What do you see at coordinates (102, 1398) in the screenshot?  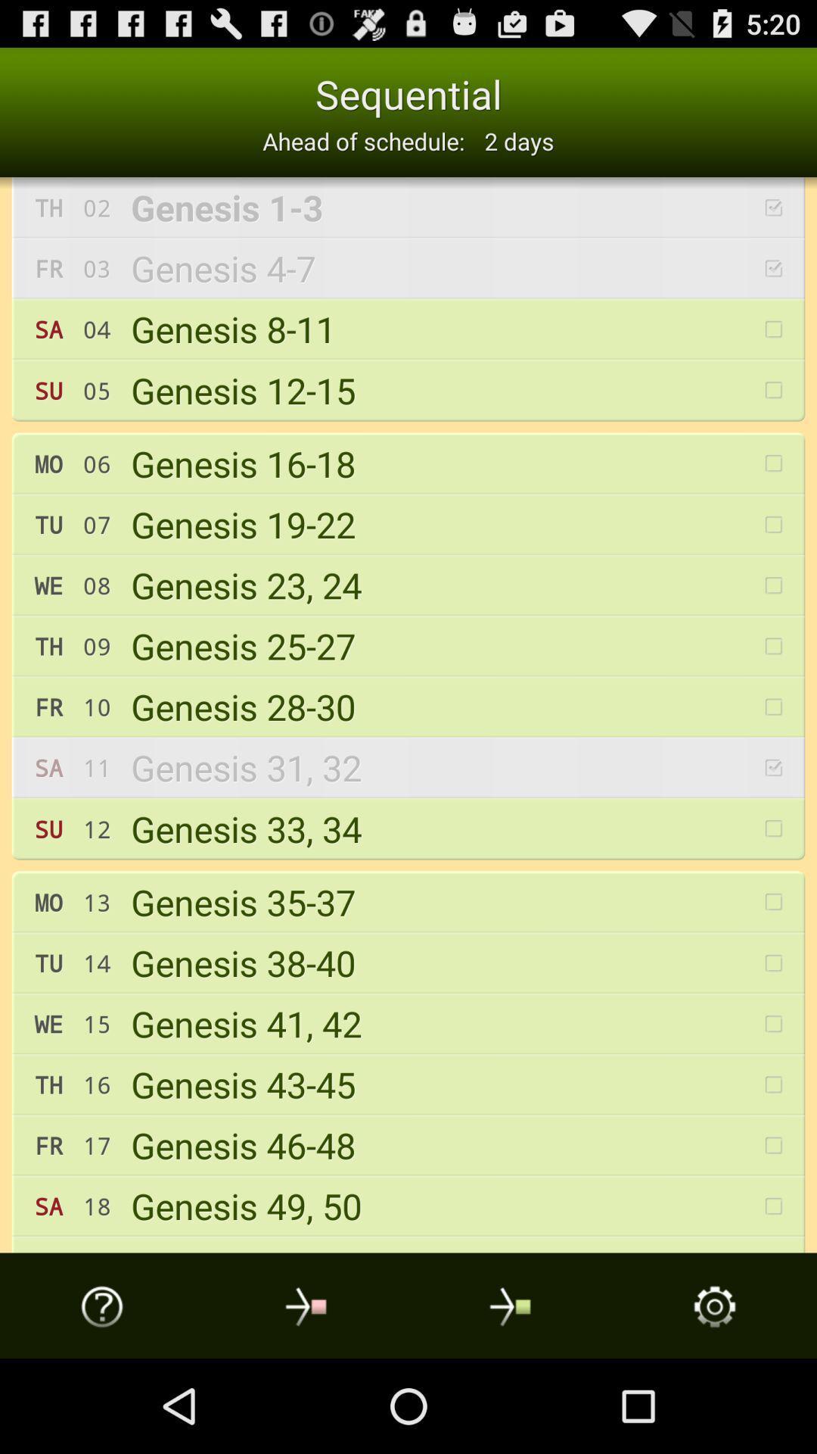 I see `the help icon` at bounding box center [102, 1398].